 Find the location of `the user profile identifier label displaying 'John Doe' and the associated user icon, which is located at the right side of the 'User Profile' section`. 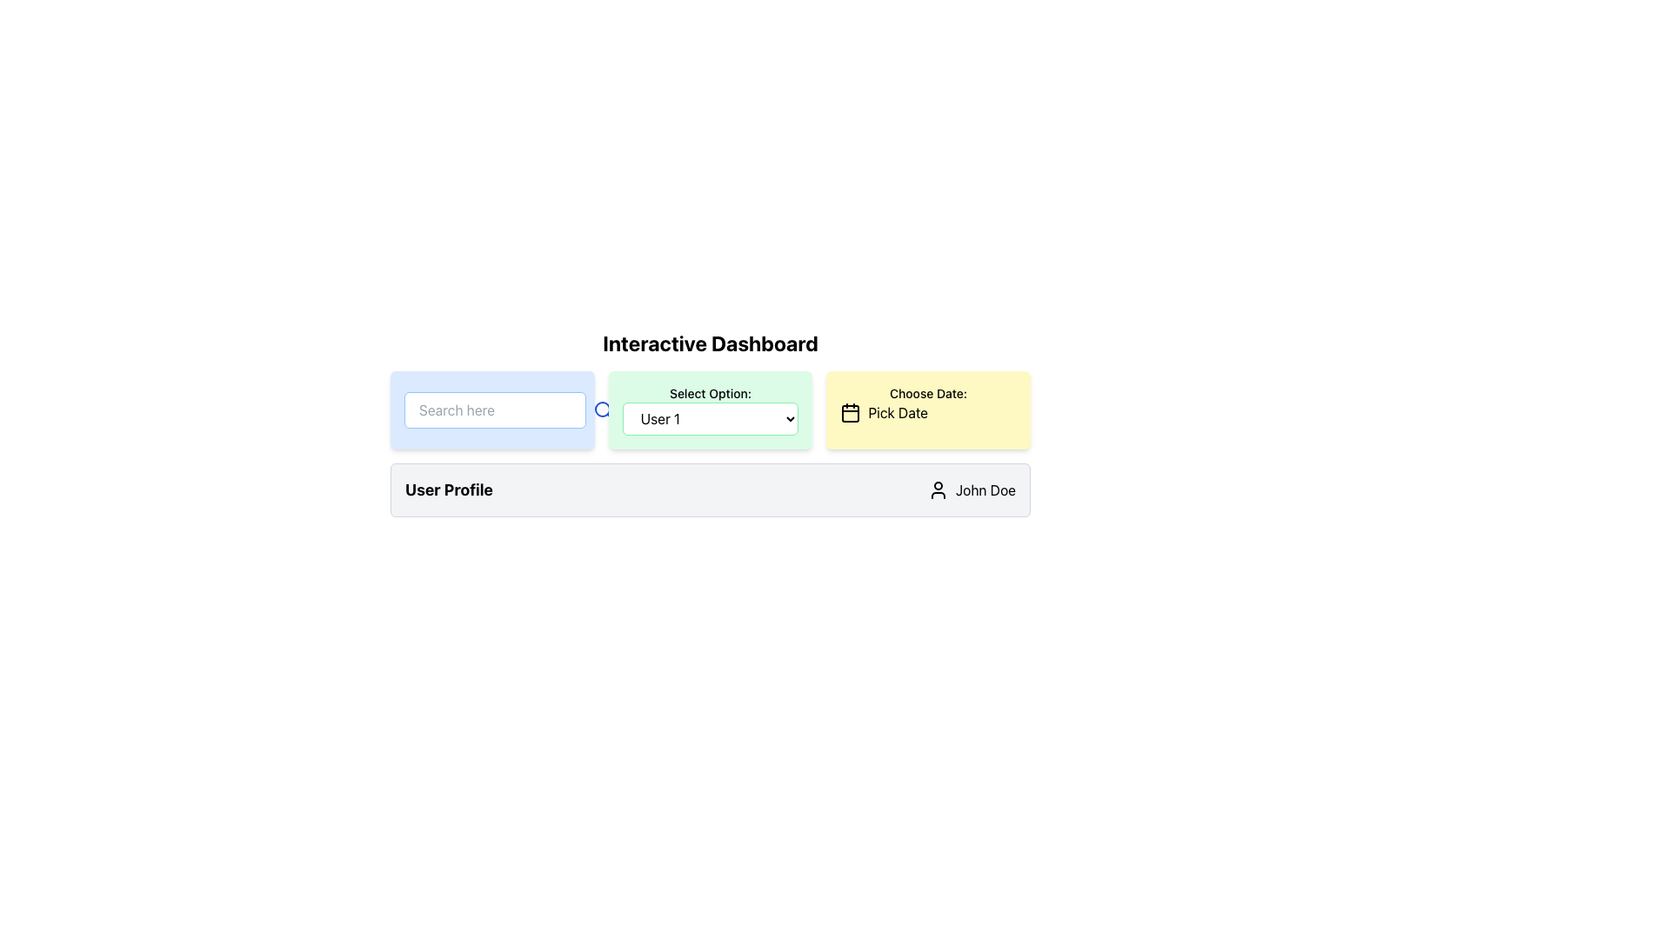

the user profile identifier label displaying 'John Doe' and the associated user icon, which is located at the right side of the 'User Profile' section is located at coordinates (971, 489).